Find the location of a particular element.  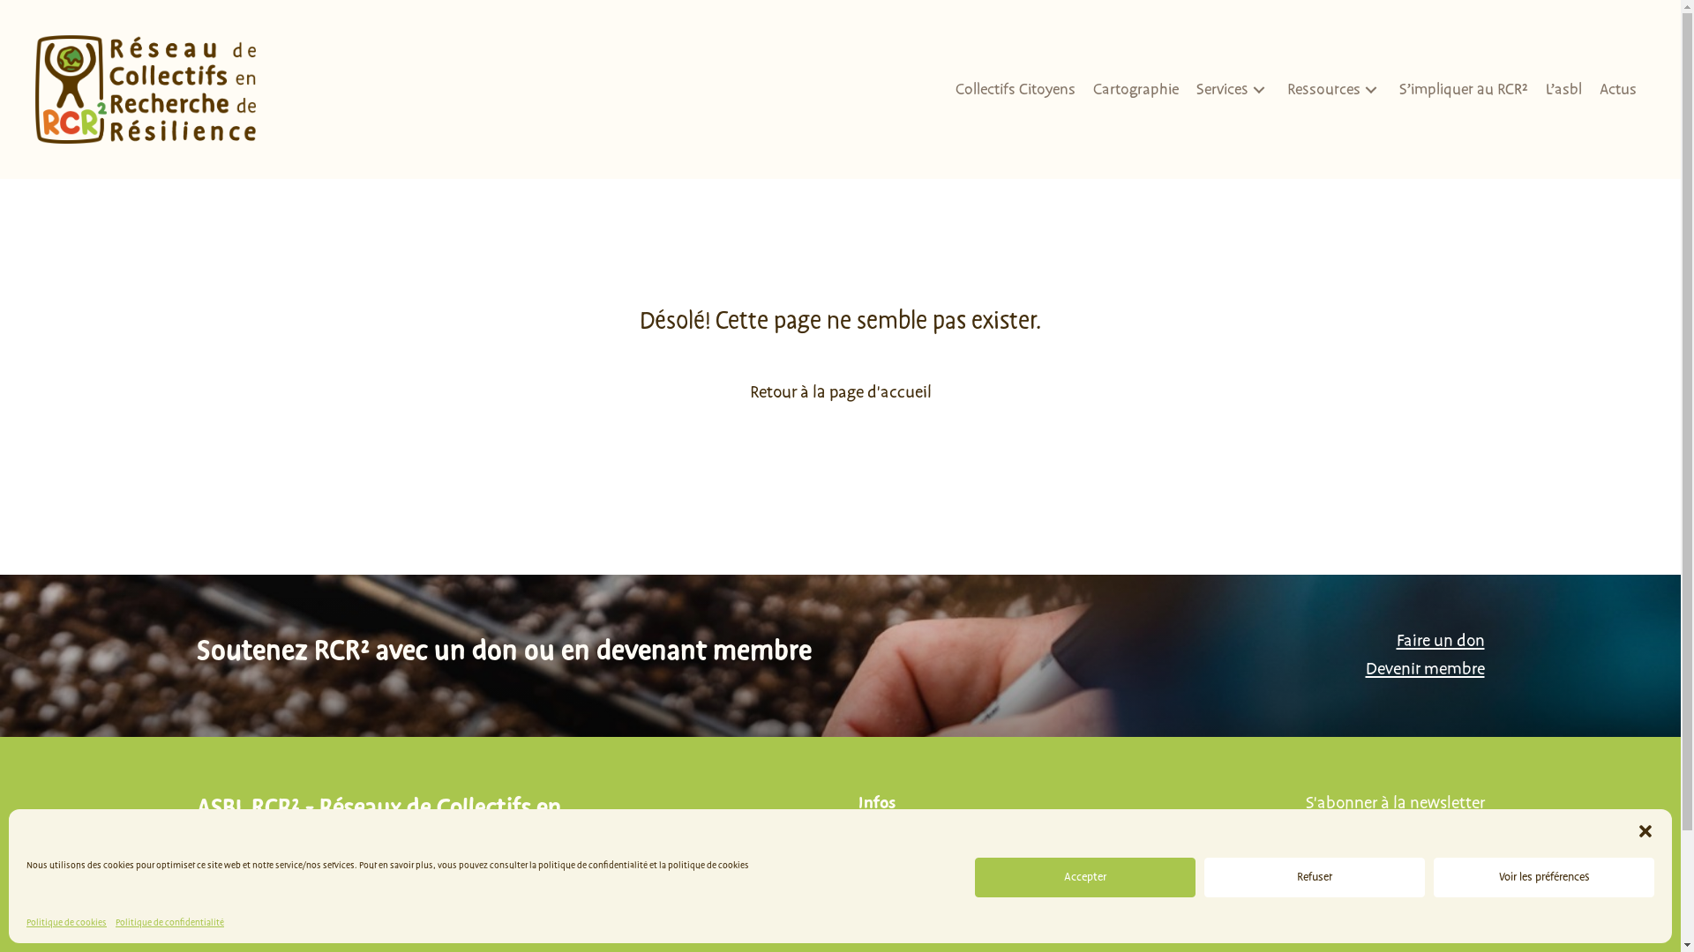

'Cartographie' is located at coordinates (1136, 89).